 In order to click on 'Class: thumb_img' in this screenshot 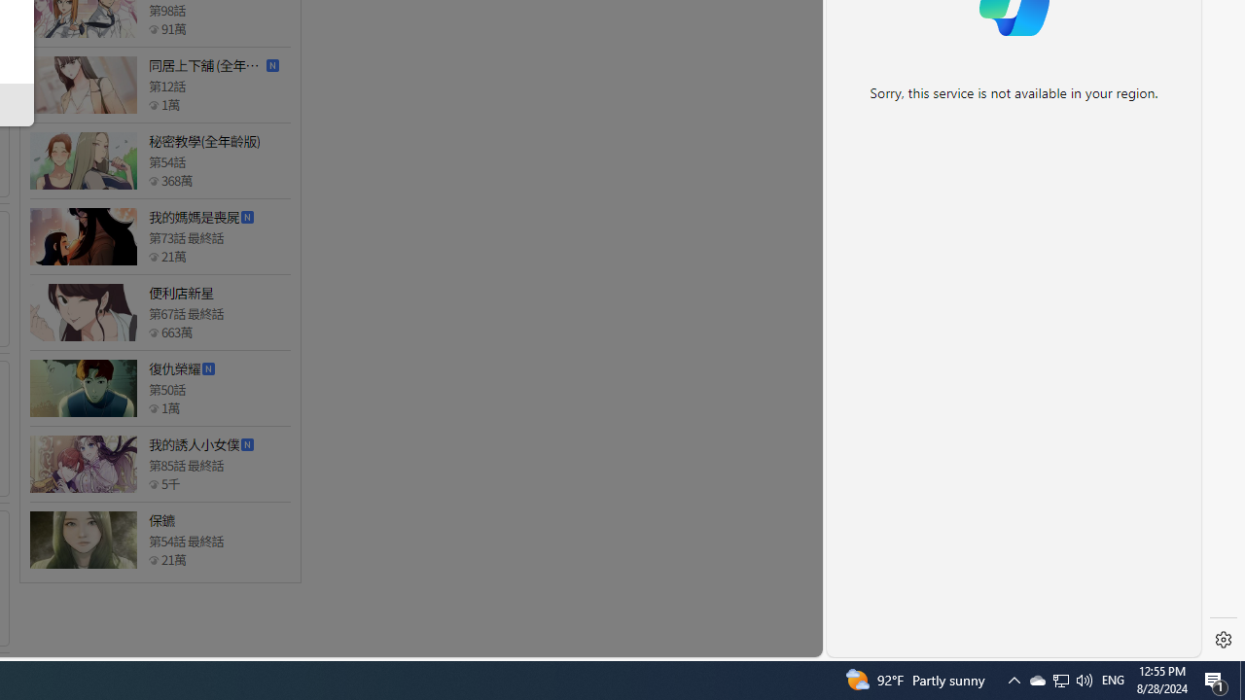, I will do `click(82, 540)`.